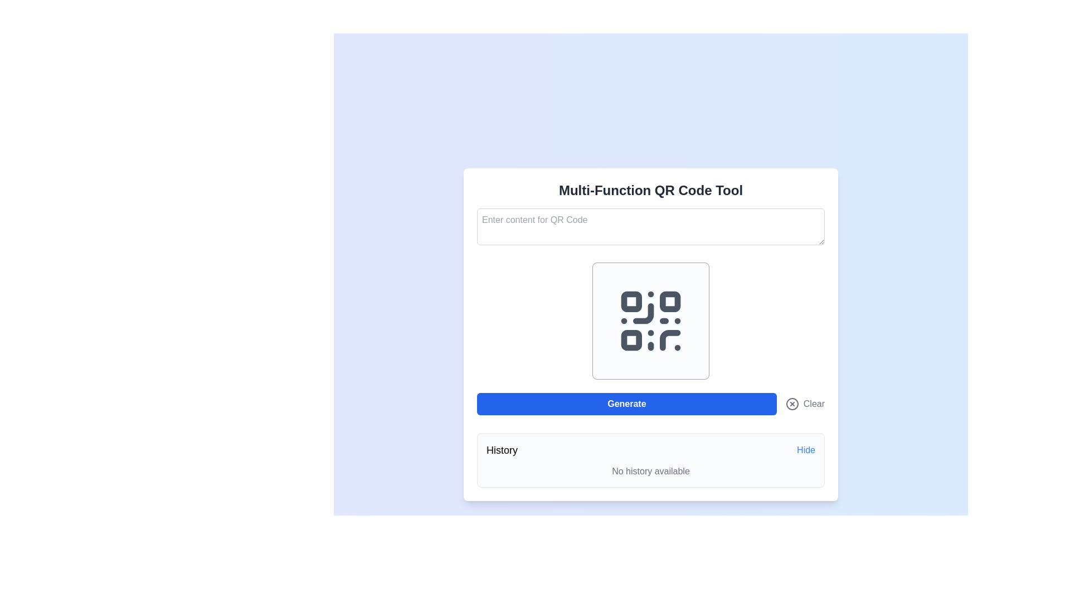  Describe the element at coordinates (791, 404) in the screenshot. I see `the circular icon-based button with a cross inside, located to the left of the 'Clear' text` at that location.